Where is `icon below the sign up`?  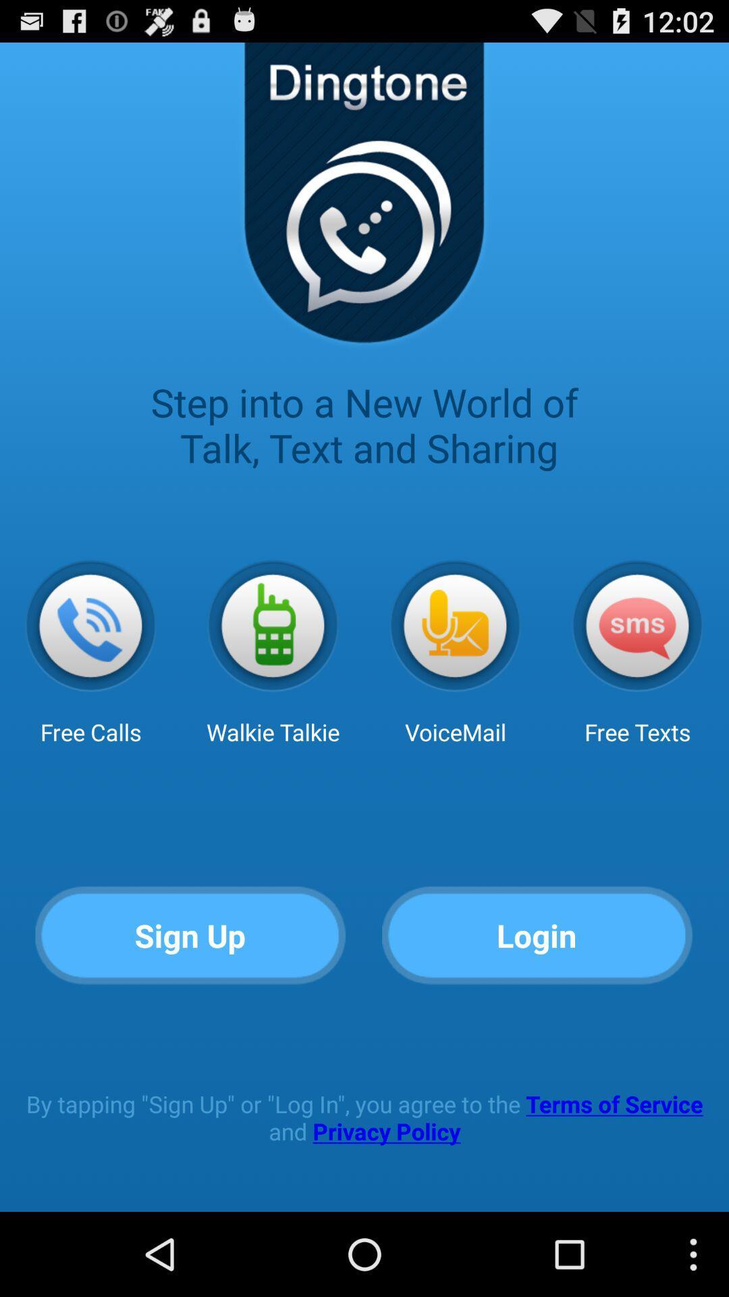
icon below the sign up is located at coordinates (364, 1117).